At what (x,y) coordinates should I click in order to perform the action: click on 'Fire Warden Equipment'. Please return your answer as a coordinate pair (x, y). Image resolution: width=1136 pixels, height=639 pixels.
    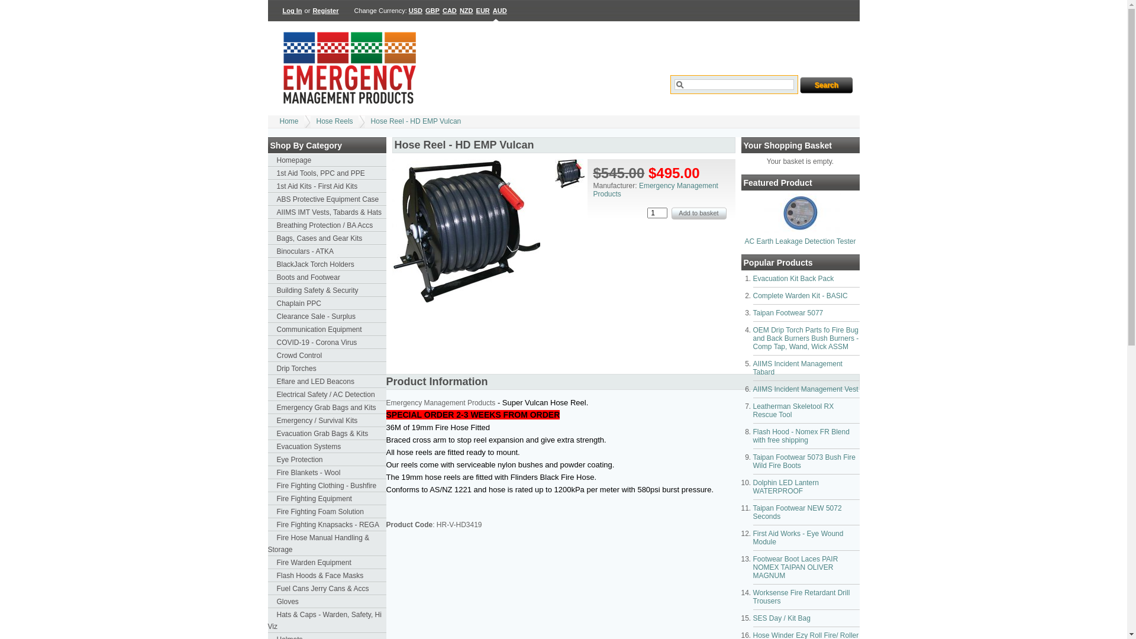
    Looking at the image, I should click on (327, 562).